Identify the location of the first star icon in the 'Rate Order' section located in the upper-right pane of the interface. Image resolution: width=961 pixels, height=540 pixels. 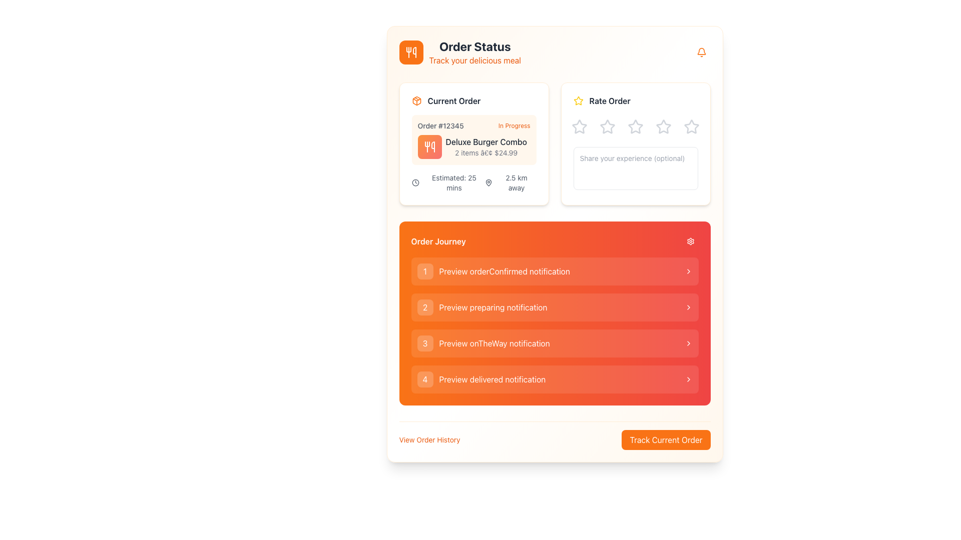
(578, 100).